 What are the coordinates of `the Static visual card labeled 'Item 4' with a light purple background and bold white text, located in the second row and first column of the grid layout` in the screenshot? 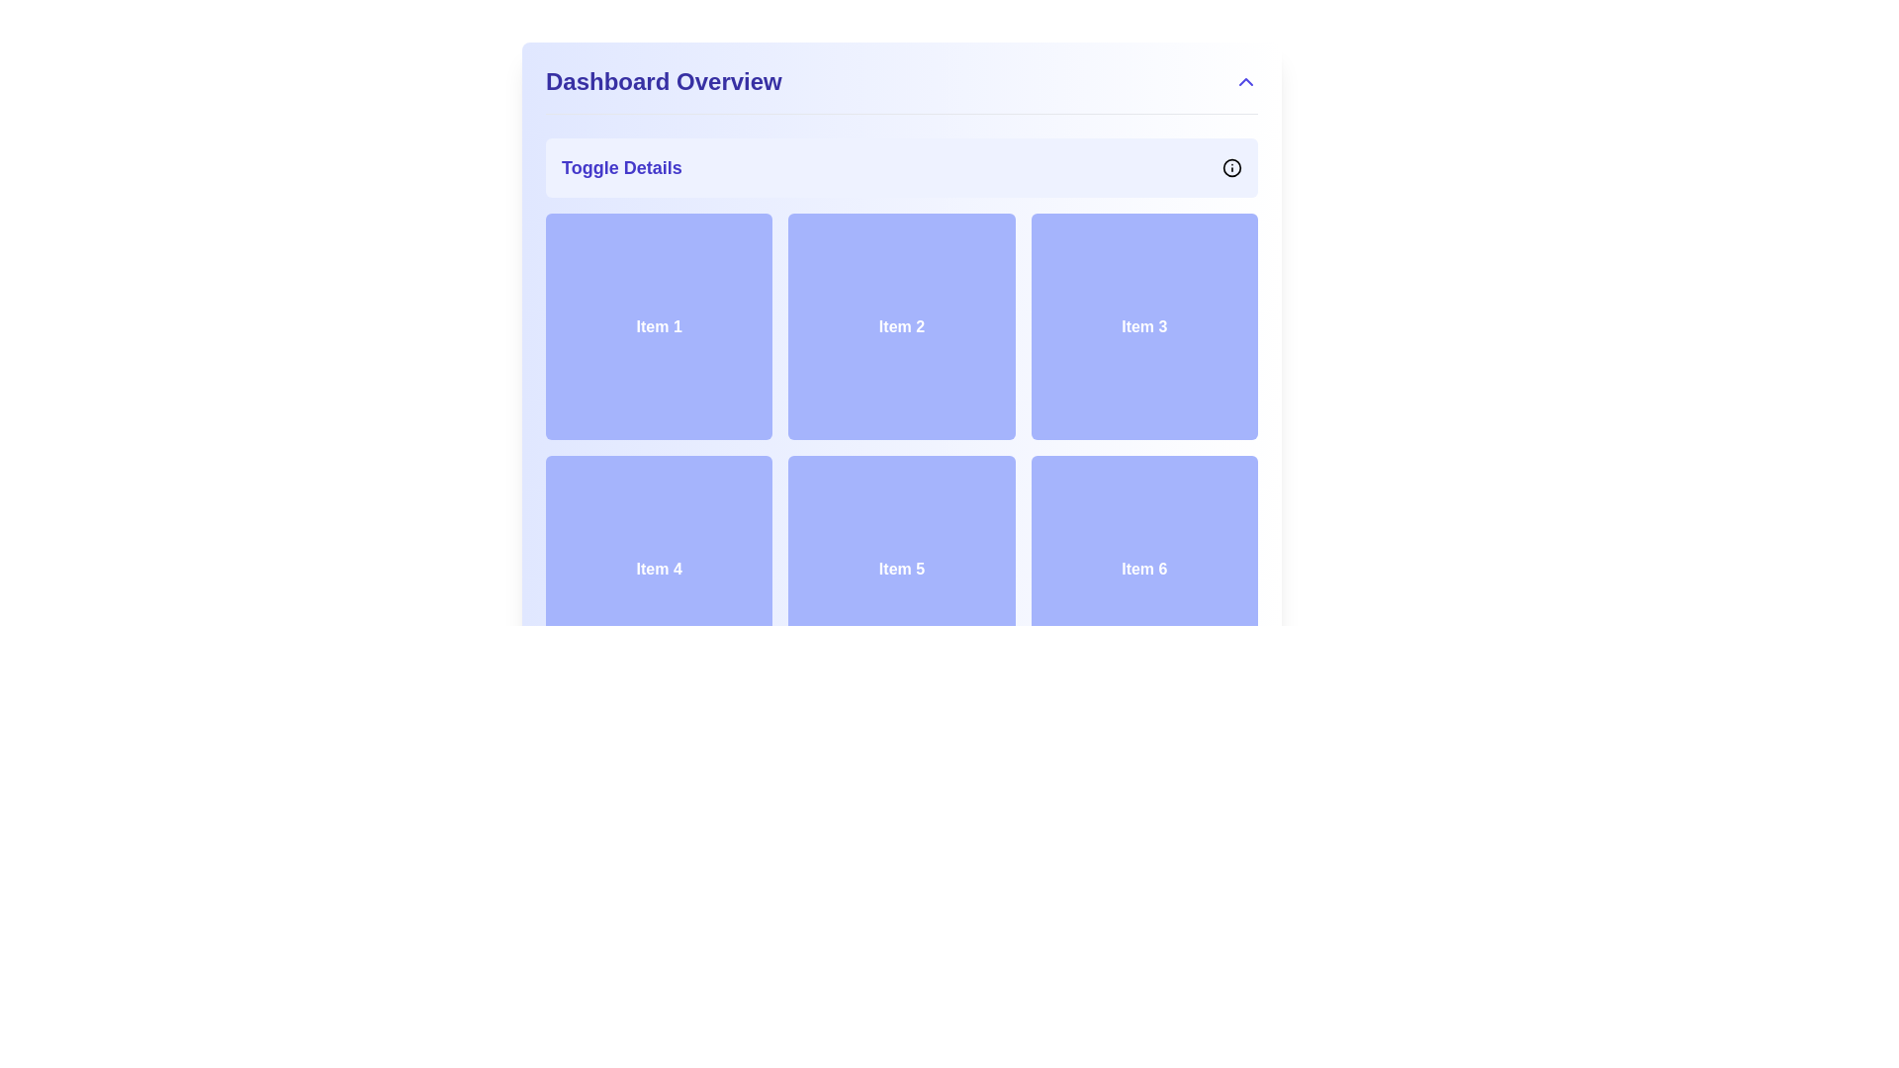 It's located at (659, 569).